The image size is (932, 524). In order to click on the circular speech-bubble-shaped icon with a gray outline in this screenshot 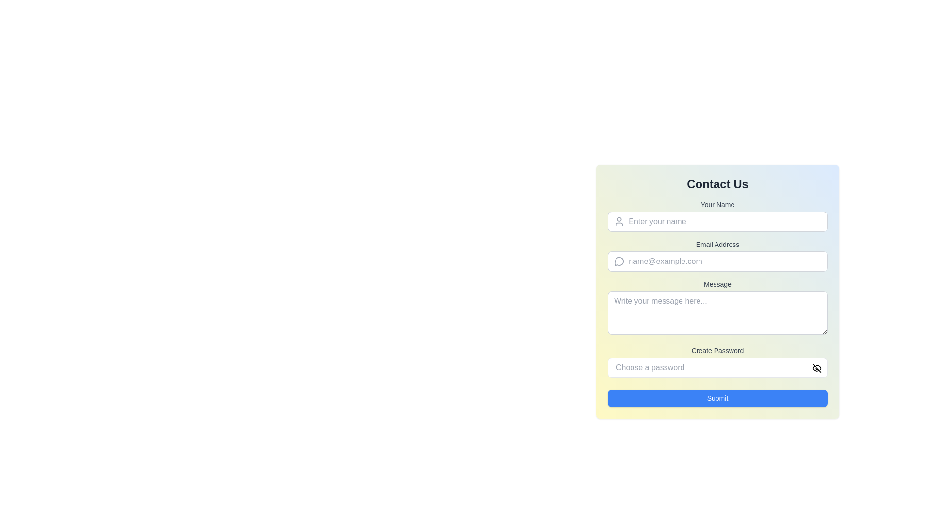, I will do `click(619, 261)`.